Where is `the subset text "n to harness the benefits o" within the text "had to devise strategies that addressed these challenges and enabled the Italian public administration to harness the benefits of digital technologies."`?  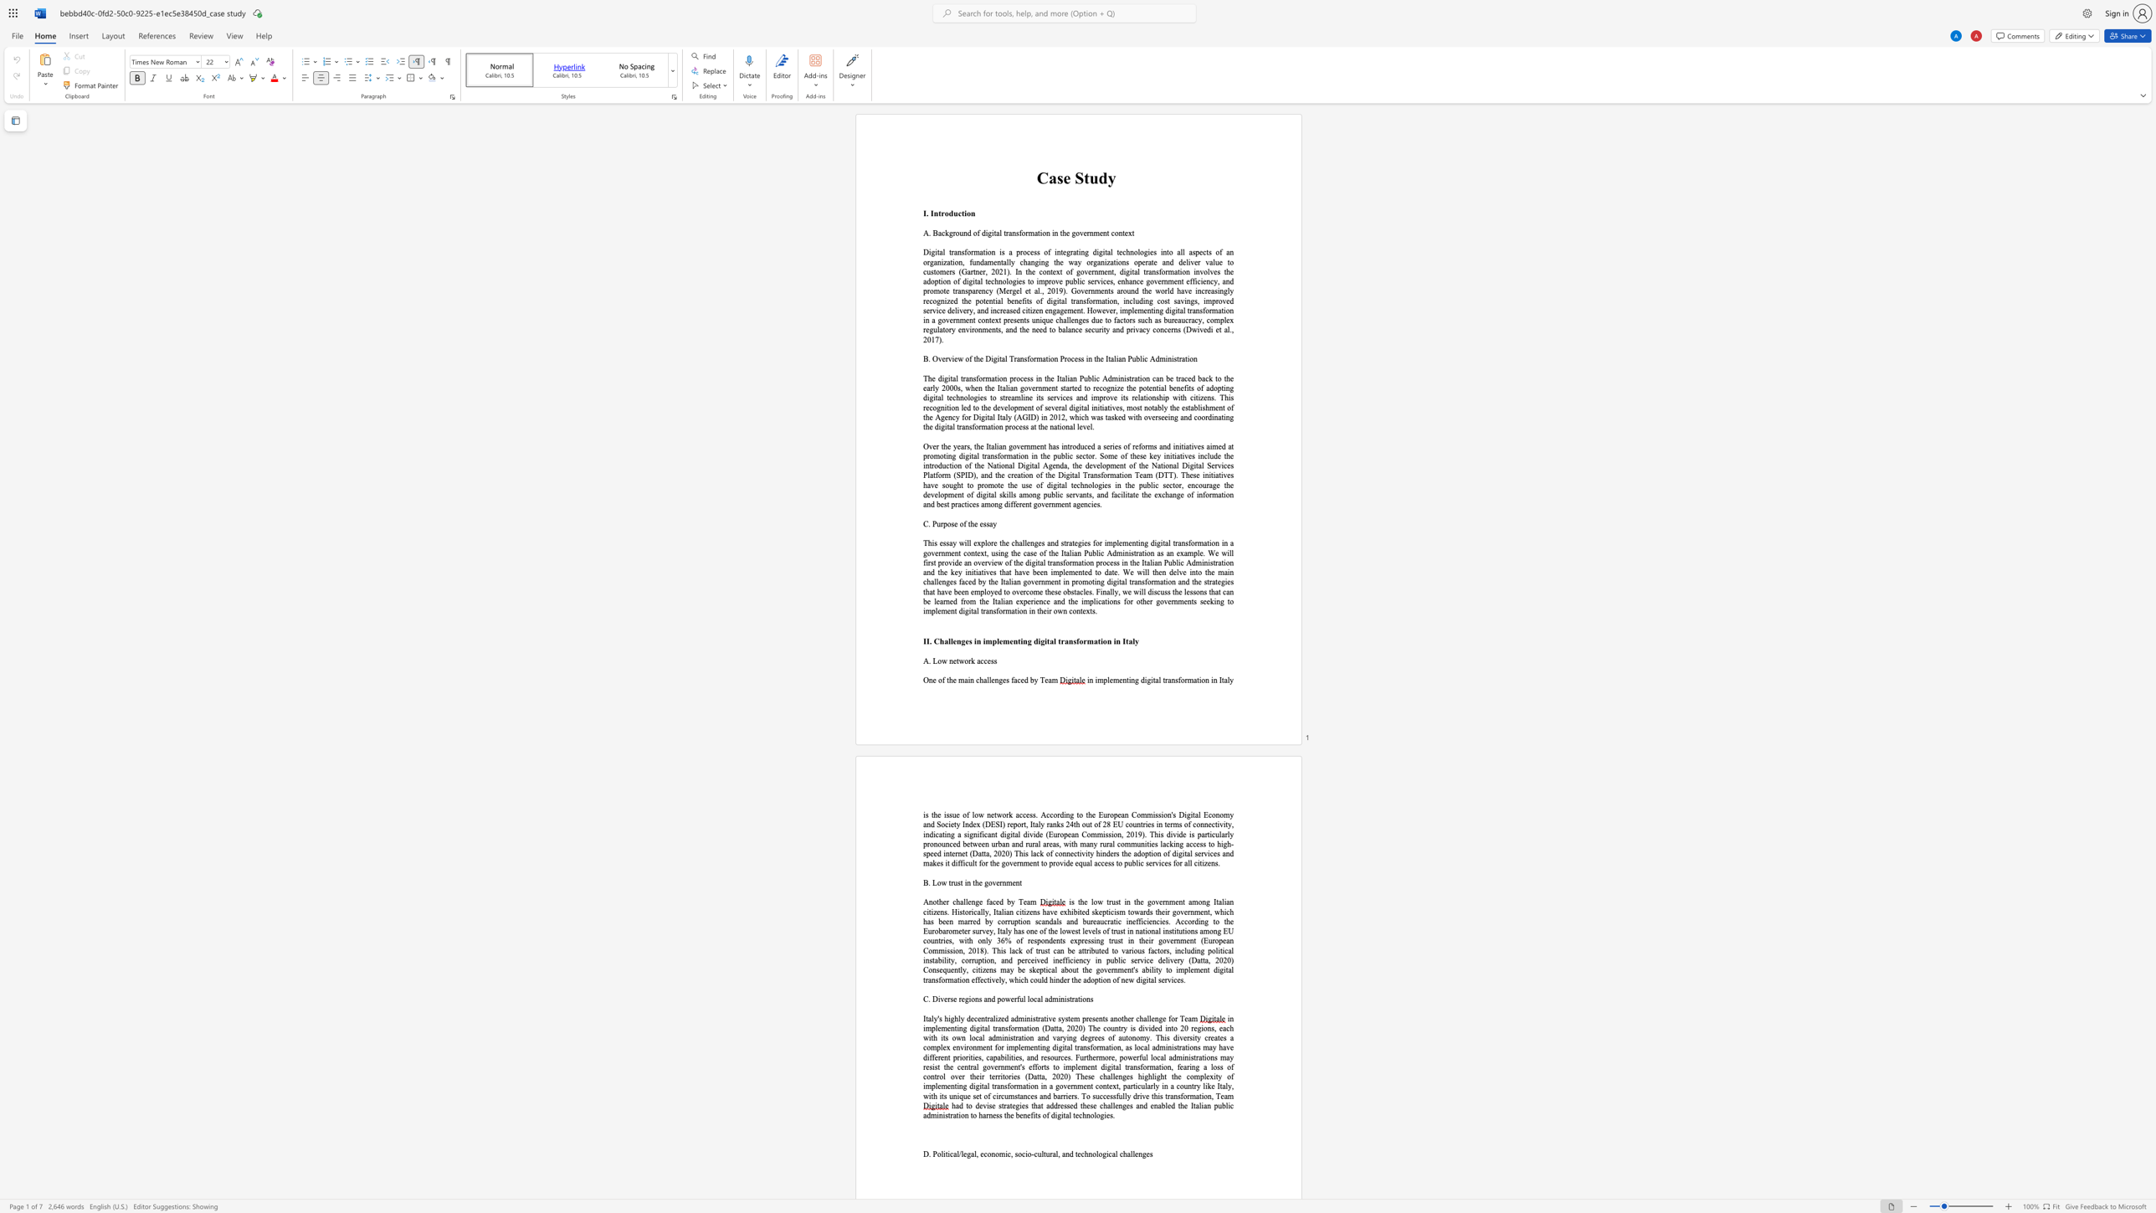 the subset text "n to harness the benefits o" within the text "had to devise strategies that addressed these challenges and enabled the Italian public administration to harness the benefits of digital technologies." is located at coordinates (964, 1115).